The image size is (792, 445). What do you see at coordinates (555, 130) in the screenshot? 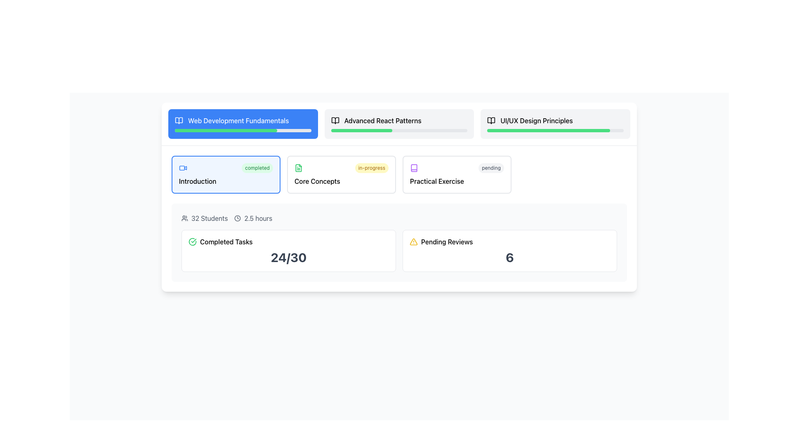
I see `the progress bar located below the 'UI/UX Design Principles' label, which is a thin, rounded rectangular bar with a light gray background and a green inner bar indicating 90% progress` at bounding box center [555, 130].